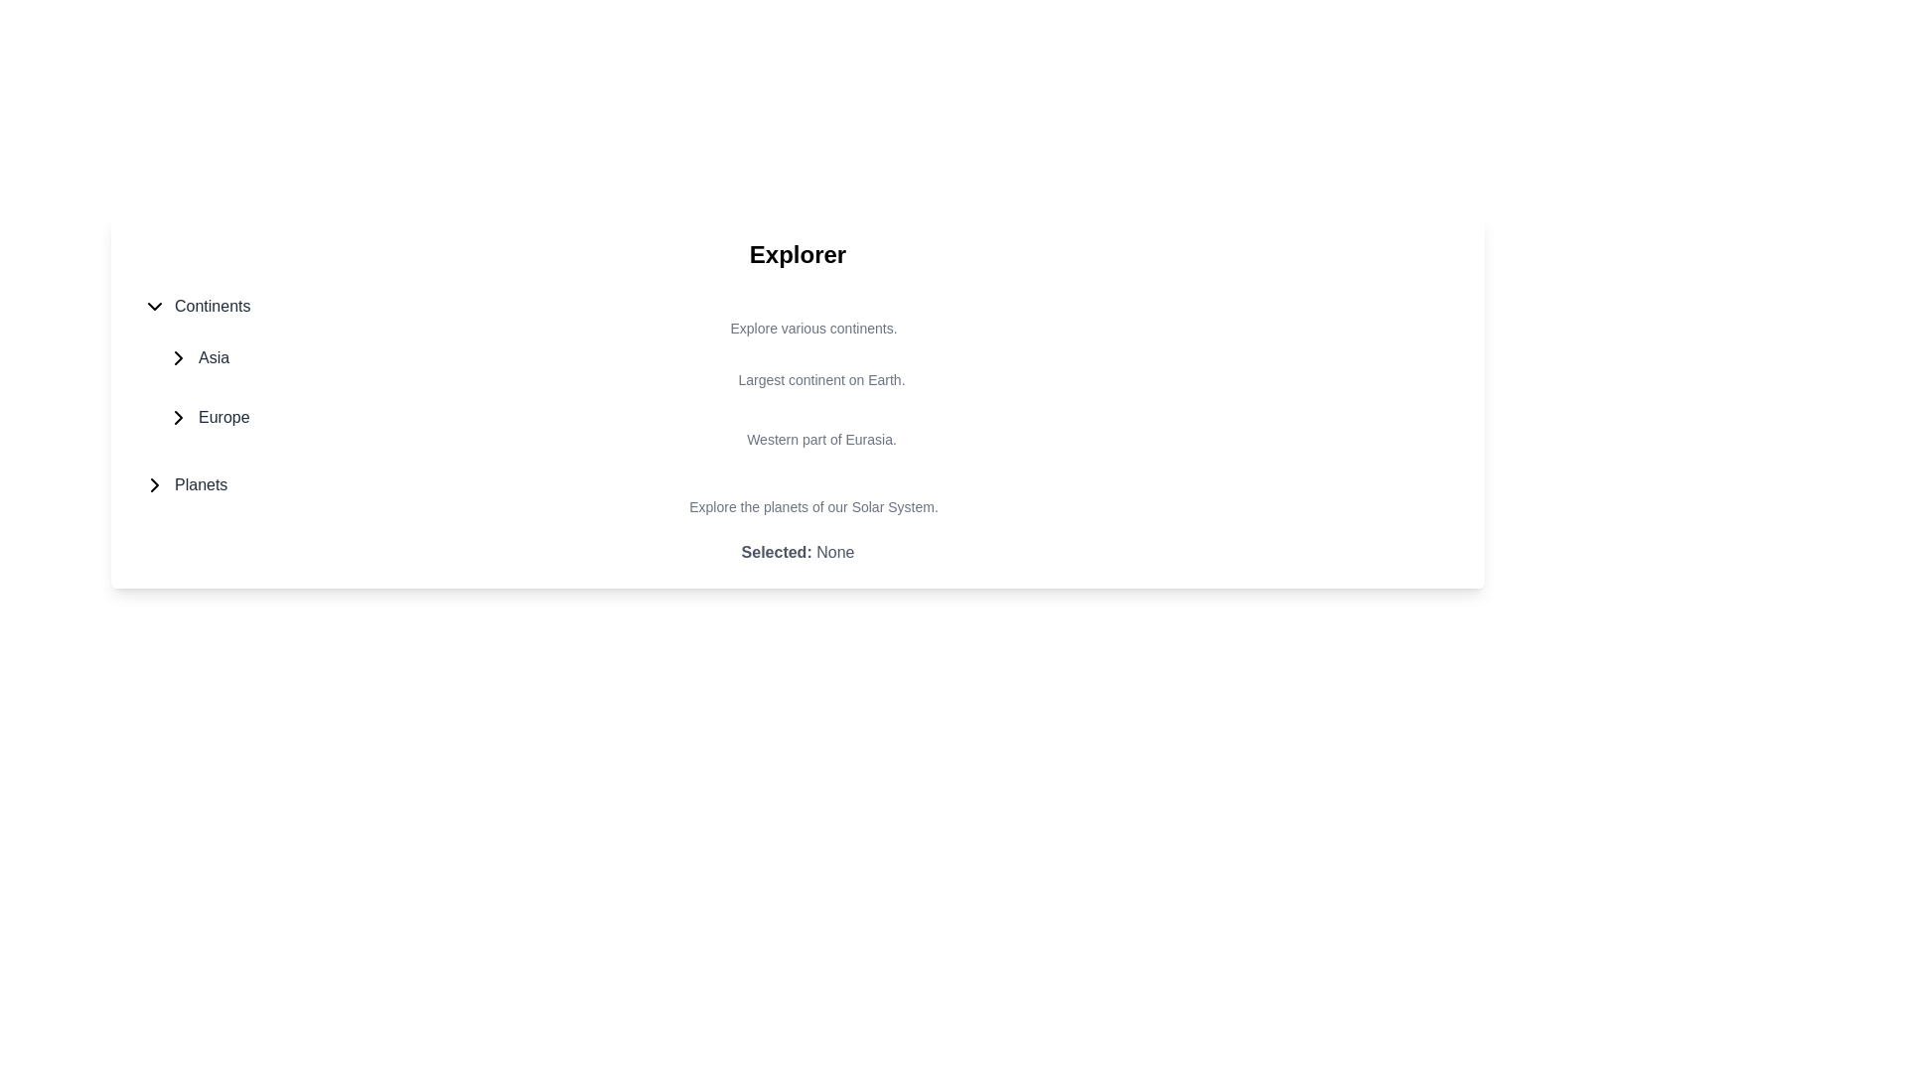  Describe the element at coordinates (154, 485) in the screenshot. I see `the small right-facing chevron icon button located to the left of the 'Planets' text` at that location.